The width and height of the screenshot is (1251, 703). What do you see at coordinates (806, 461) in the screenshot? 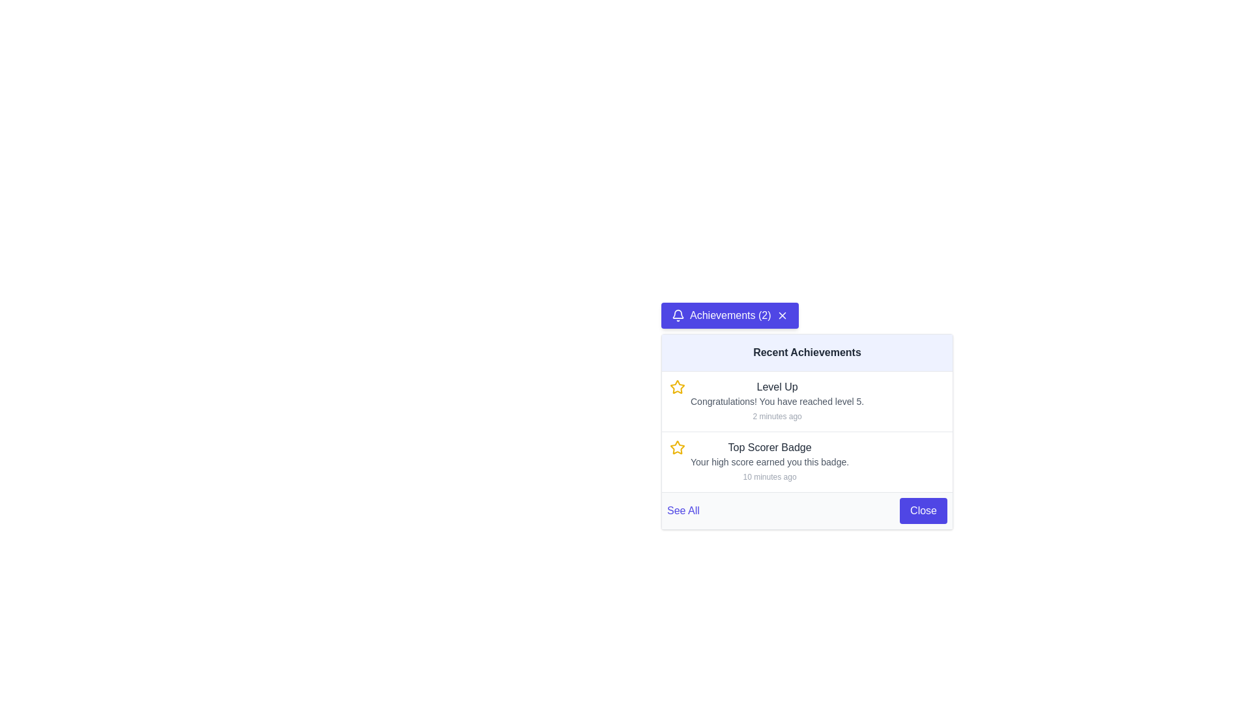
I see `the 'Top Scorer Badge' notification in the 'Recent Achievements' panel, which is the second entry below 'Level Up'` at bounding box center [806, 461].